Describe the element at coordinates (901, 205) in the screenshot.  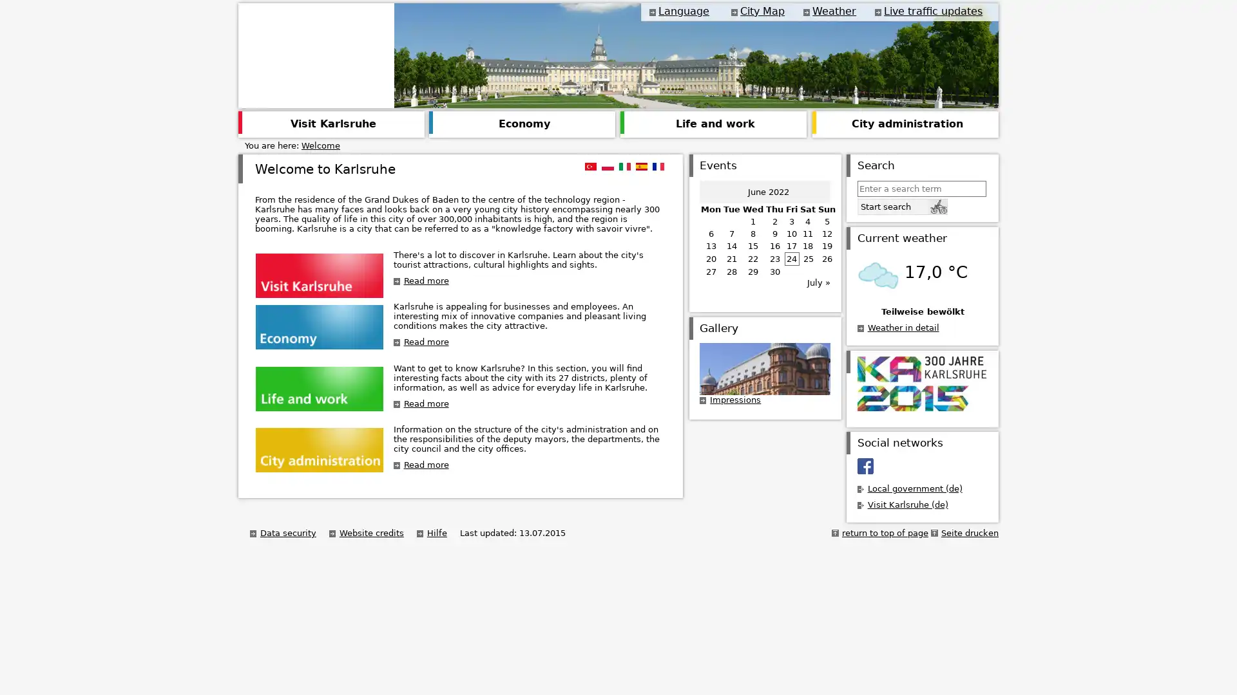
I see `Start search` at that location.